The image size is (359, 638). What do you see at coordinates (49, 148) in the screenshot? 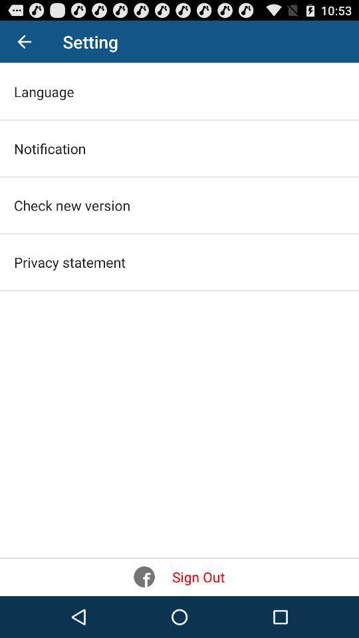
I see `the icon below language` at bounding box center [49, 148].